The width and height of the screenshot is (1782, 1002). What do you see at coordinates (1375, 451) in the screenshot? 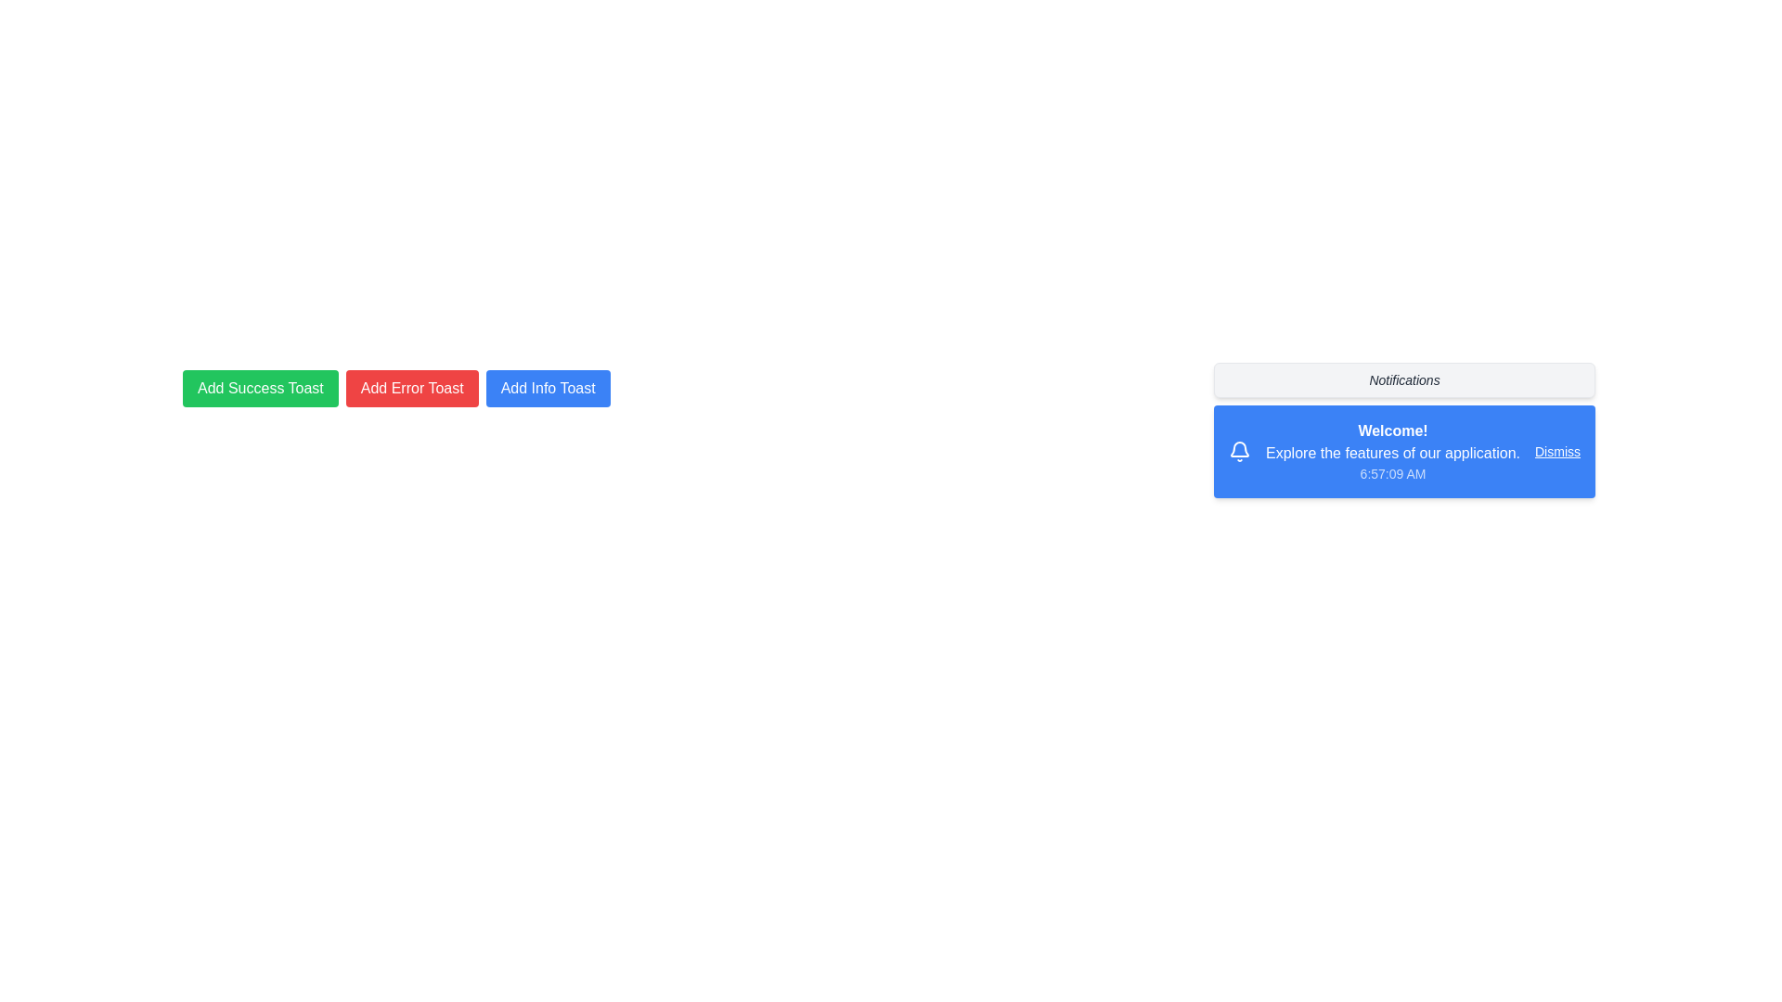
I see `the Text Display element that shows a welcome title and feature exploration prompt in white text on a blue background, located in the bottom-right of the interface` at bounding box center [1375, 451].